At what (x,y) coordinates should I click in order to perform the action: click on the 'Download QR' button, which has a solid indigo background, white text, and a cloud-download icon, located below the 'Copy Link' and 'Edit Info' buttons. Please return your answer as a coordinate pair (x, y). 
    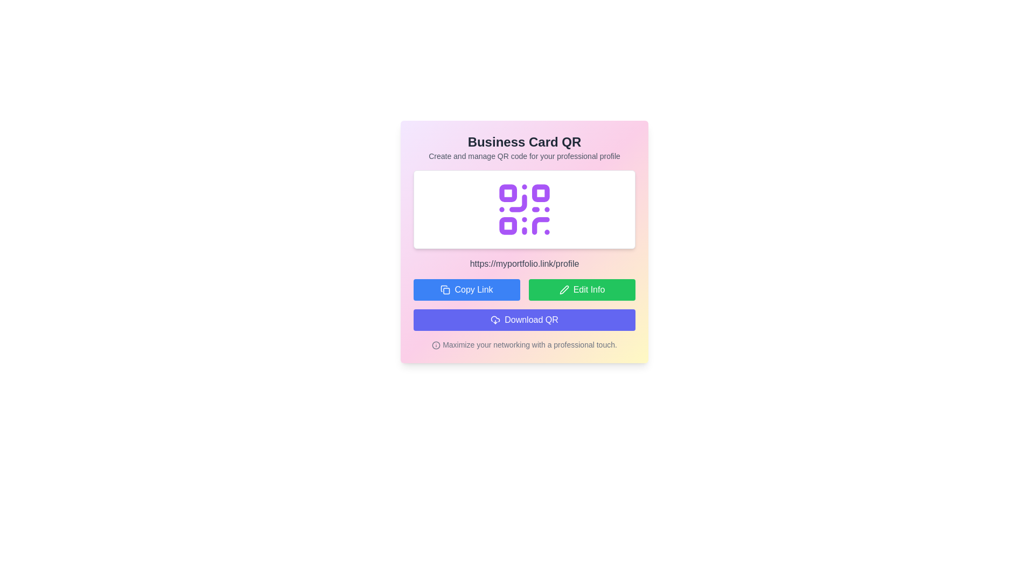
    Looking at the image, I should click on (525, 320).